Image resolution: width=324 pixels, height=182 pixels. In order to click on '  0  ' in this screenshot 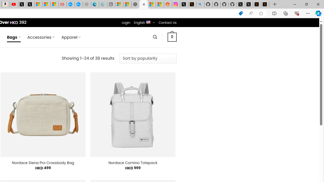, I will do `click(172, 37)`.